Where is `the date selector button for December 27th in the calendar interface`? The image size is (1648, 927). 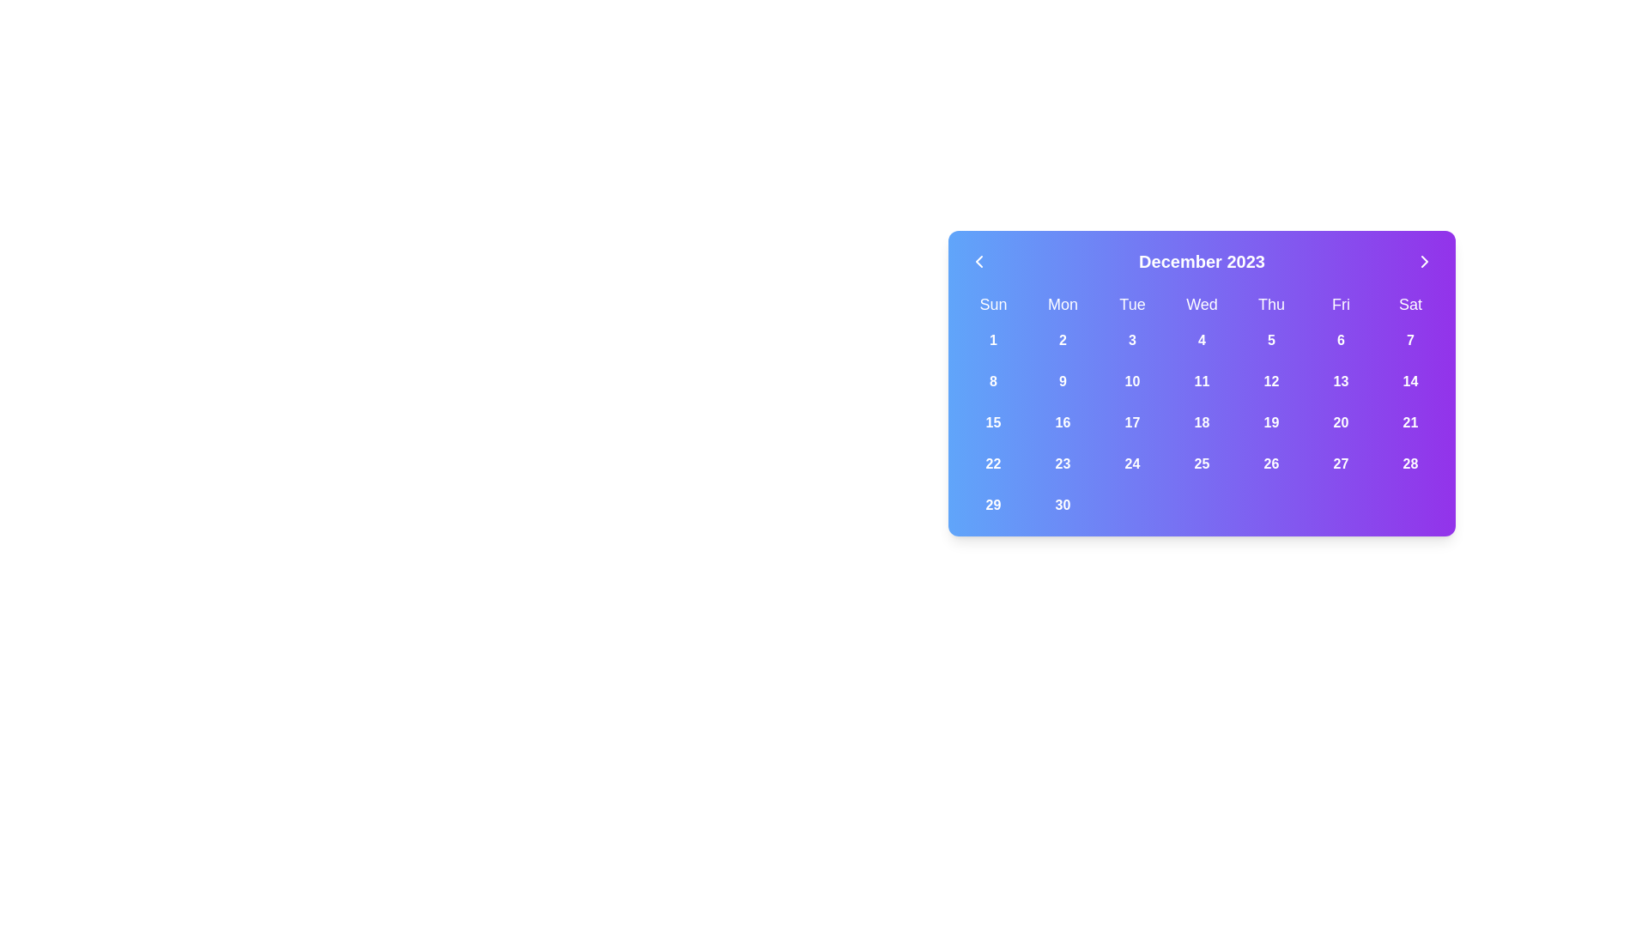
the date selector button for December 27th in the calendar interface is located at coordinates (1340, 463).